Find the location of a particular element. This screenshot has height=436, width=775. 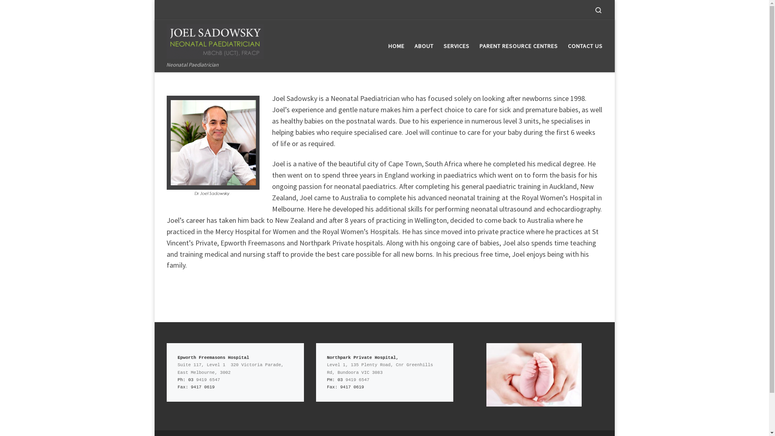

'ABOUT' is located at coordinates (423, 46).